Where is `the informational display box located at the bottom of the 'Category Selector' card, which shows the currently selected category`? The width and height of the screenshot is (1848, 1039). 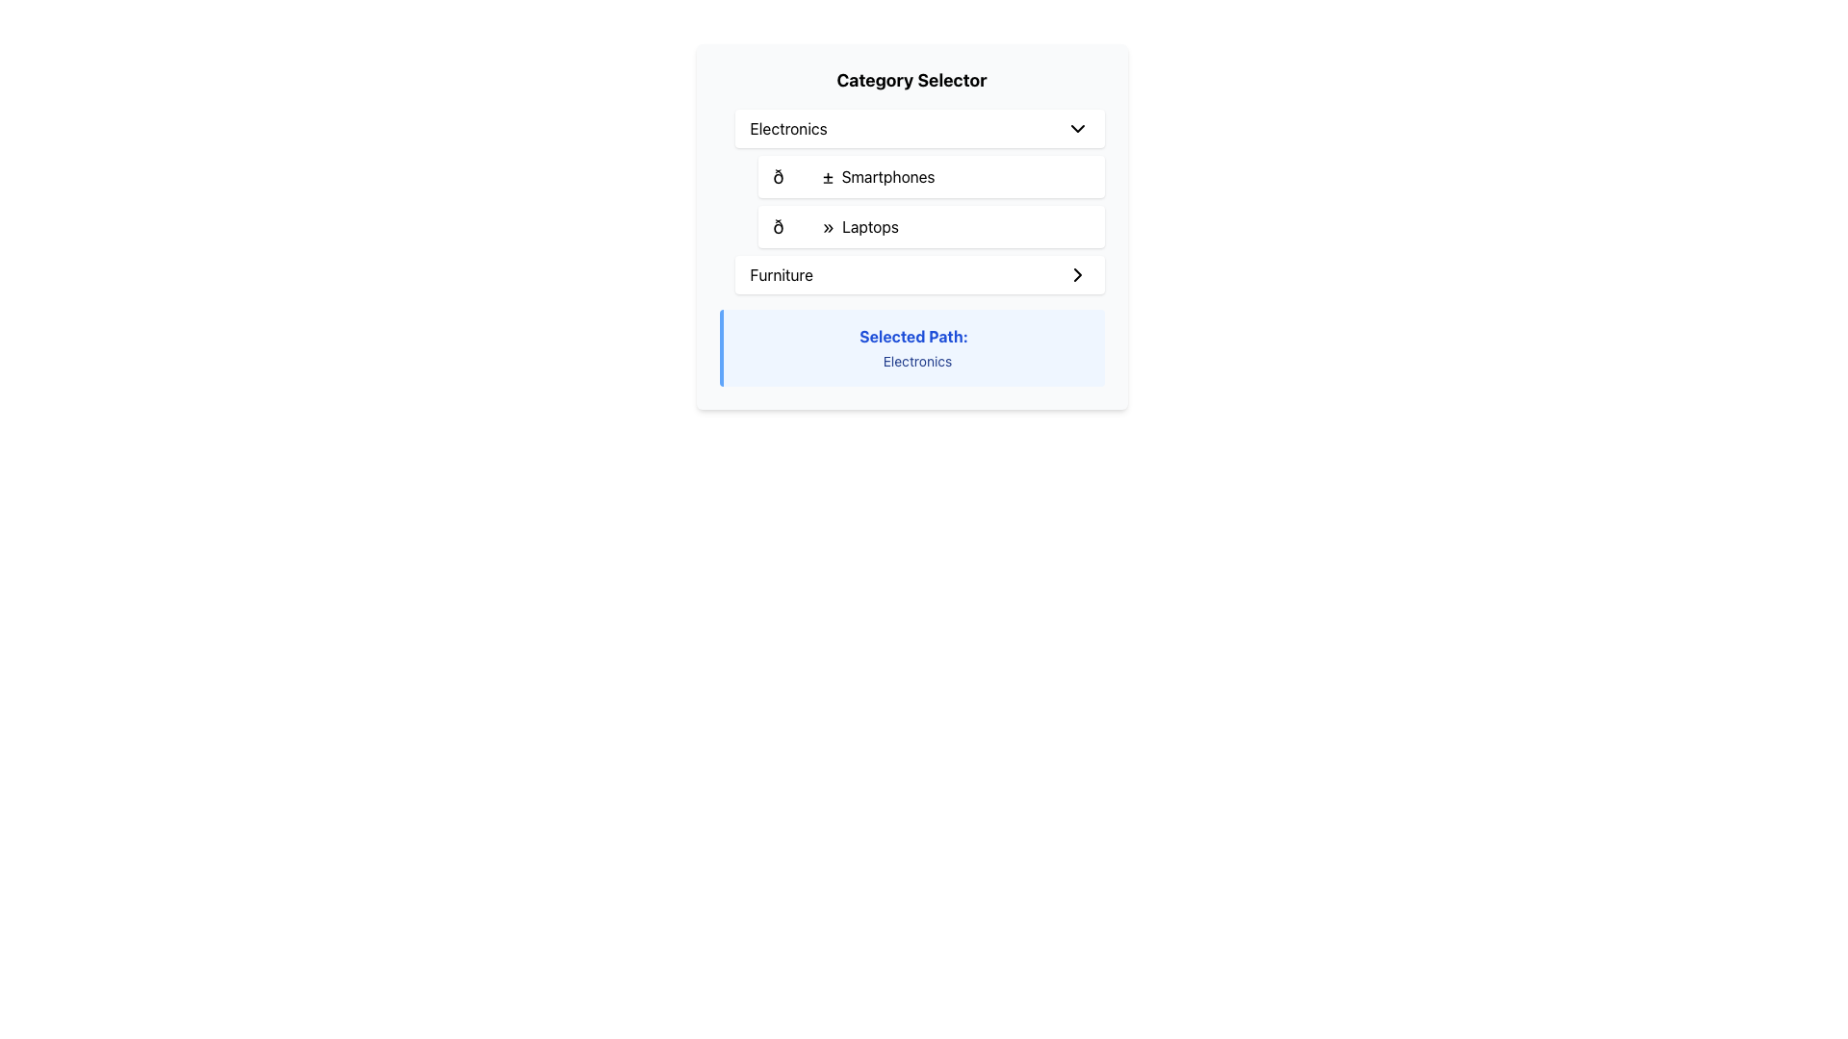 the informational display box located at the bottom of the 'Category Selector' card, which shows the currently selected category is located at coordinates (911, 348).